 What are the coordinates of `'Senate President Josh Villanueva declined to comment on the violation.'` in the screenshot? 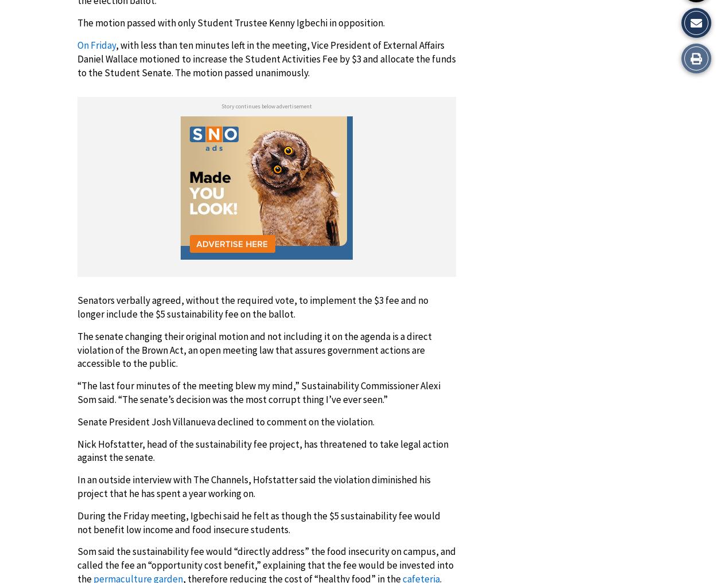 It's located at (226, 420).